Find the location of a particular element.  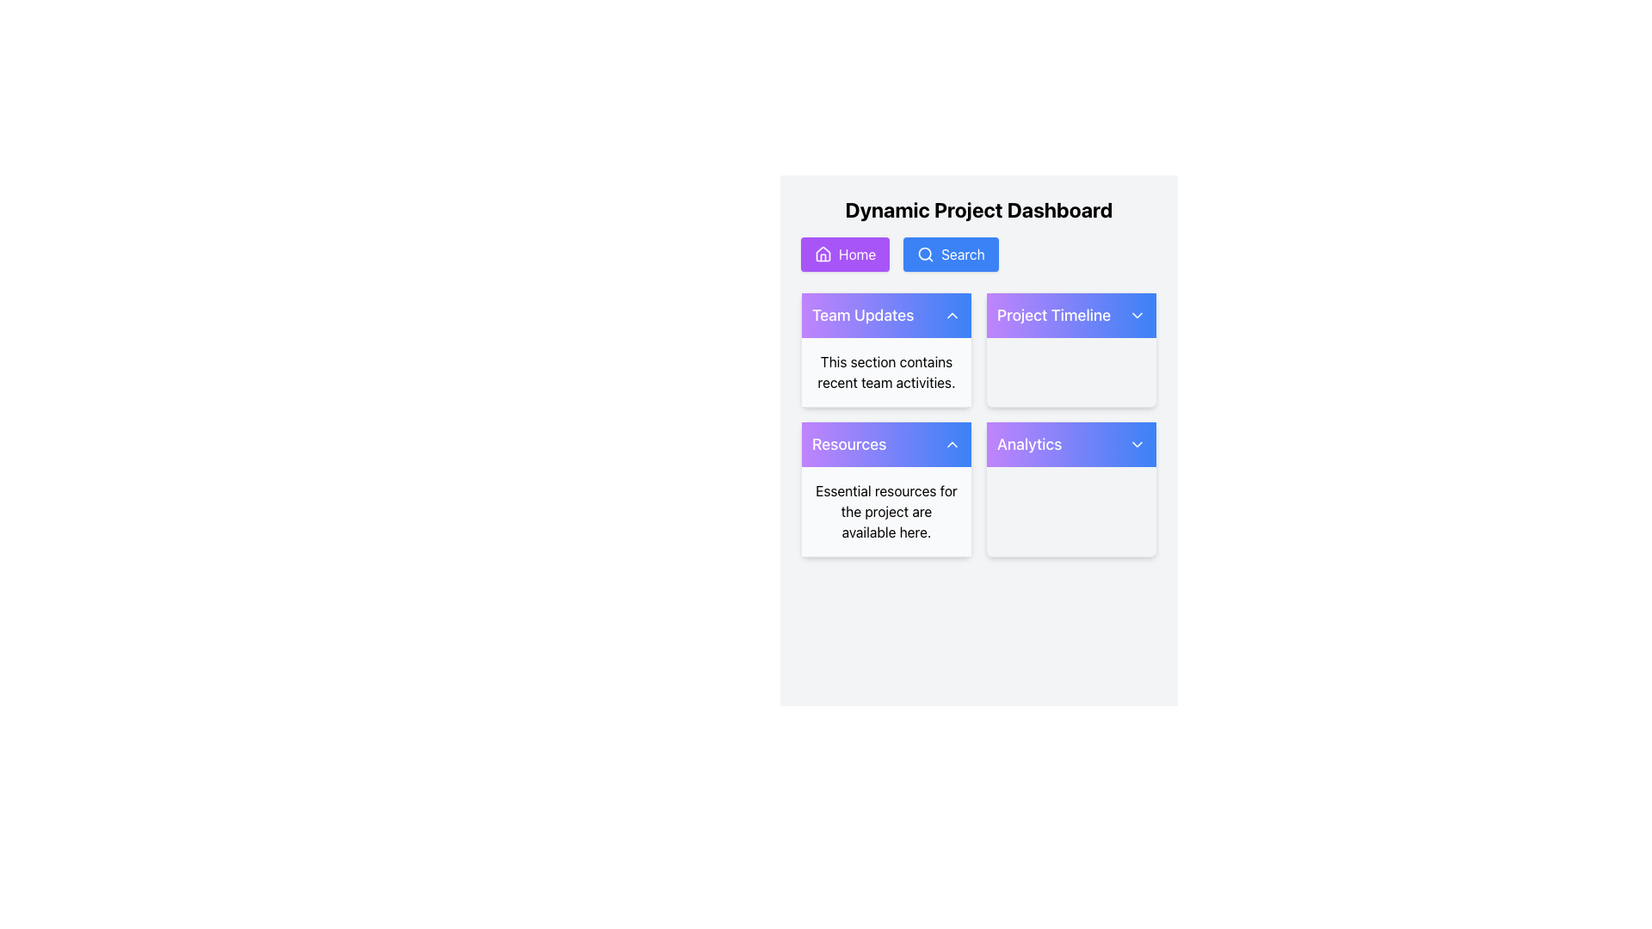

the 'Team Updates' Collapsible Section Header is located at coordinates (886, 315).